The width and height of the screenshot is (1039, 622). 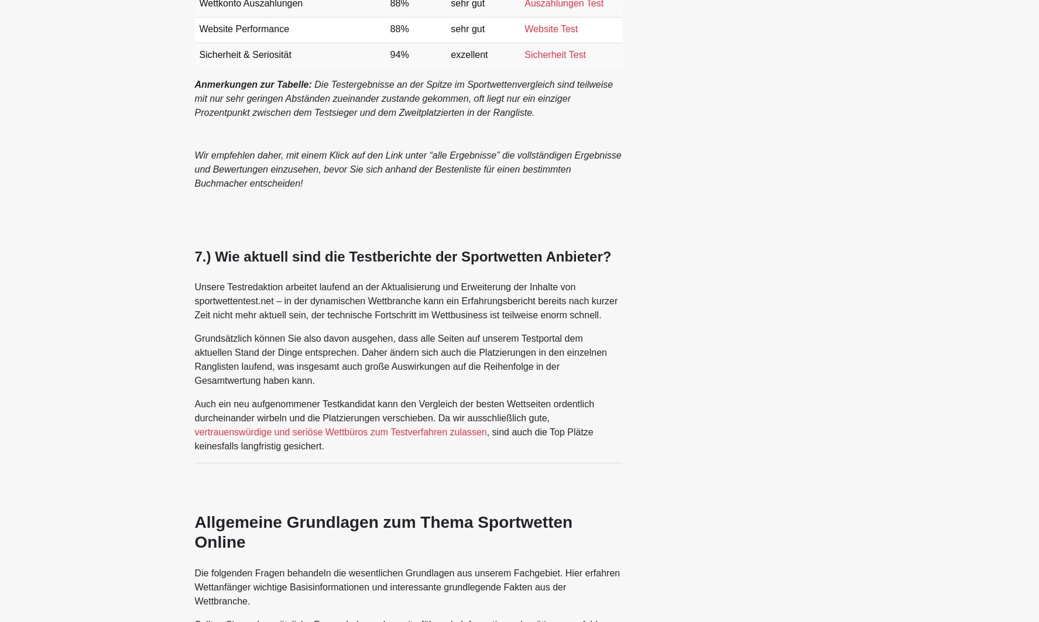 What do you see at coordinates (193, 256) in the screenshot?
I see `'7.) Wie aktuell sind die Testberichte der Sportwetten Anbieter?'` at bounding box center [193, 256].